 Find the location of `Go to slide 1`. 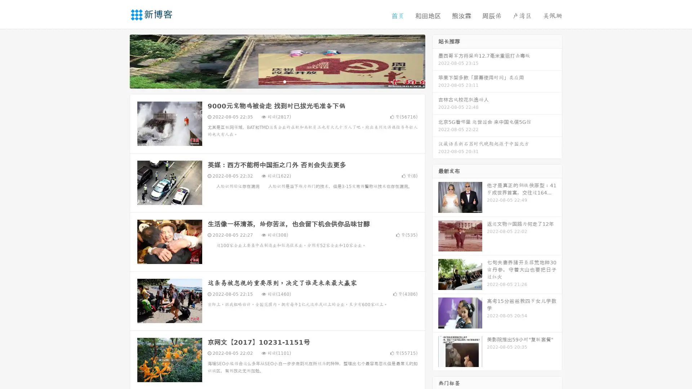

Go to slide 1 is located at coordinates (270, 81).